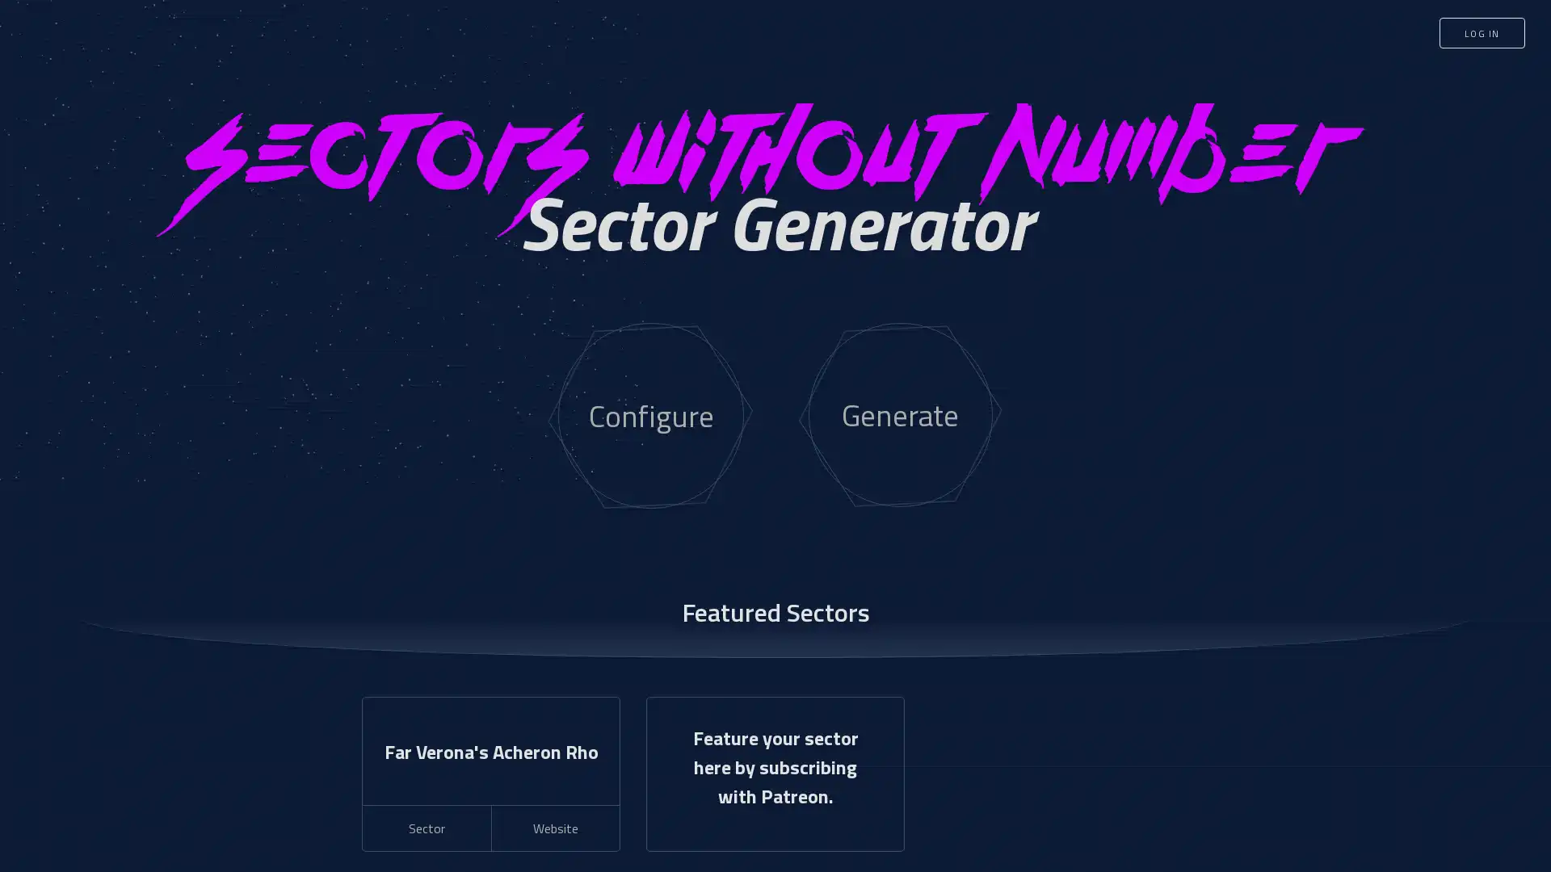  What do you see at coordinates (899, 413) in the screenshot?
I see `Generate` at bounding box center [899, 413].